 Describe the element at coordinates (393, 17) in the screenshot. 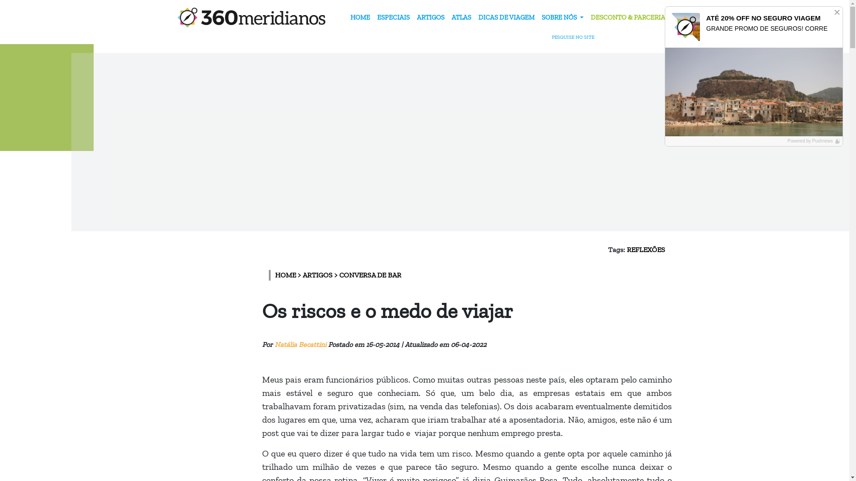

I see `'ESPECIAIS'` at that location.